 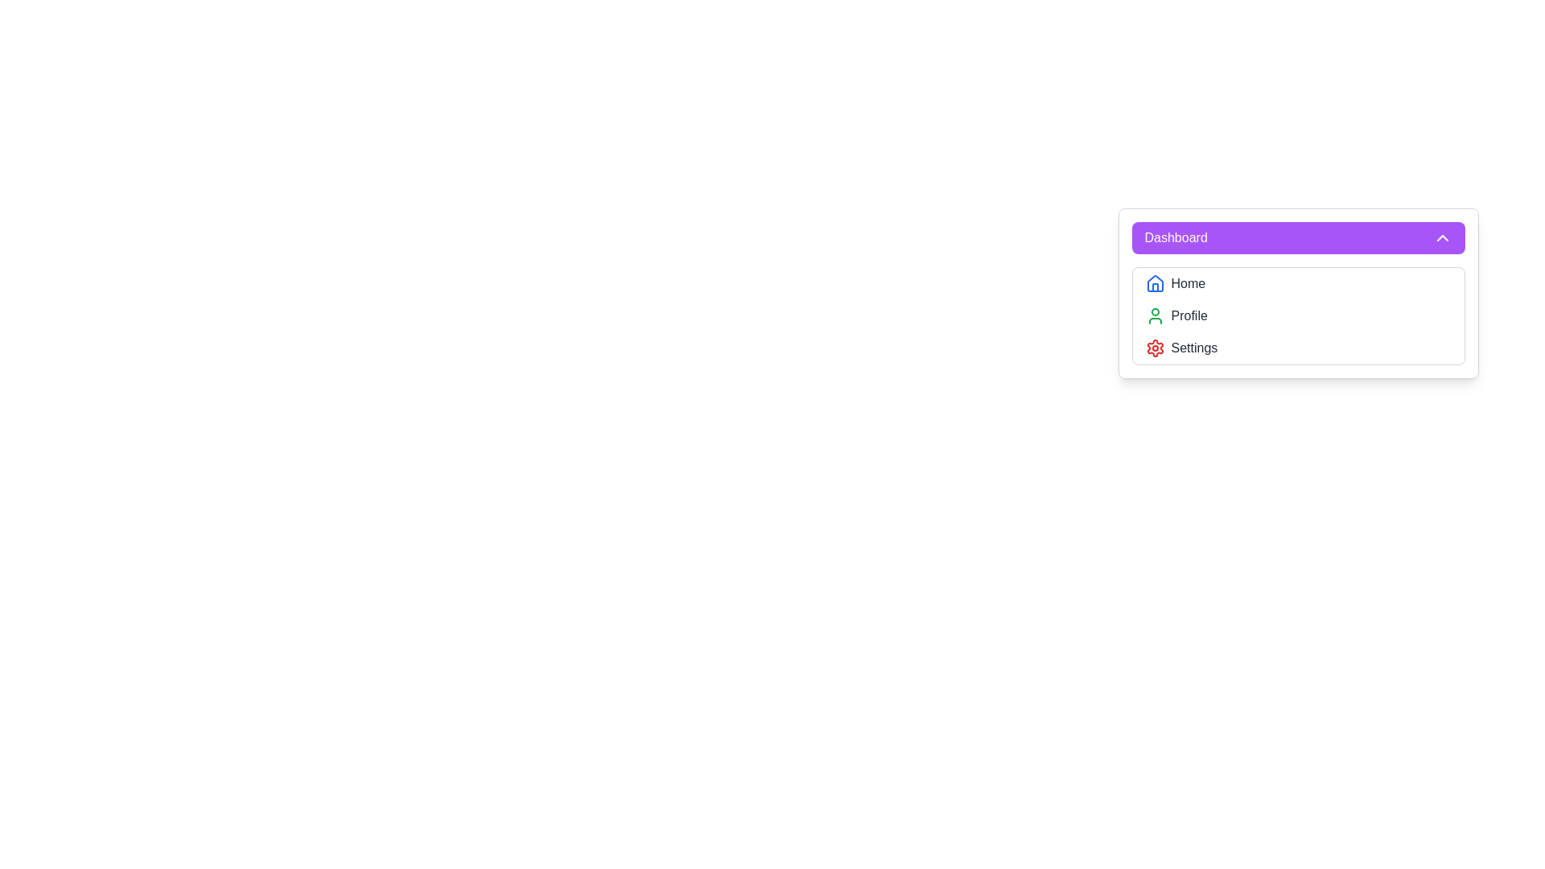 What do you see at coordinates (1154, 283) in the screenshot?
I see `the house-shaped icon with a blue outline located to the left of the 'Home' label in the dropdown menu under the 'Dashboard' section` at bounding box center [1154, 283].